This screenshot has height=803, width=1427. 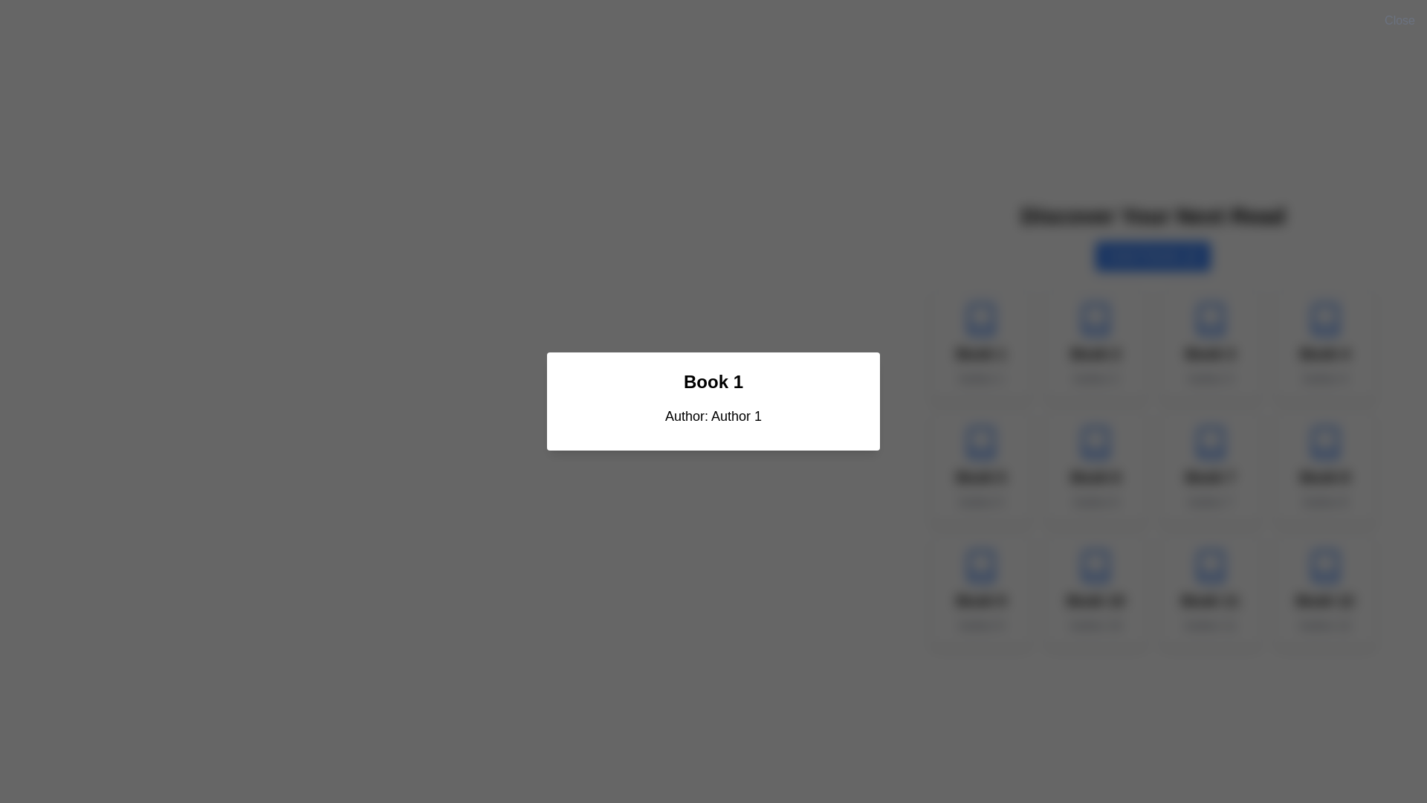 I want to click on the Information card displaying details about a book, located in the second row and second column of the grid layout, so click(x=1096, y=467).